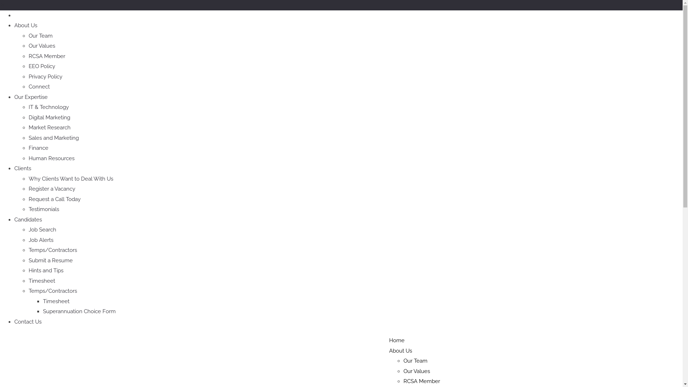  Describe the element at coordinates (415, 360) in the screenshot. I see `'Our Team'` at that location.